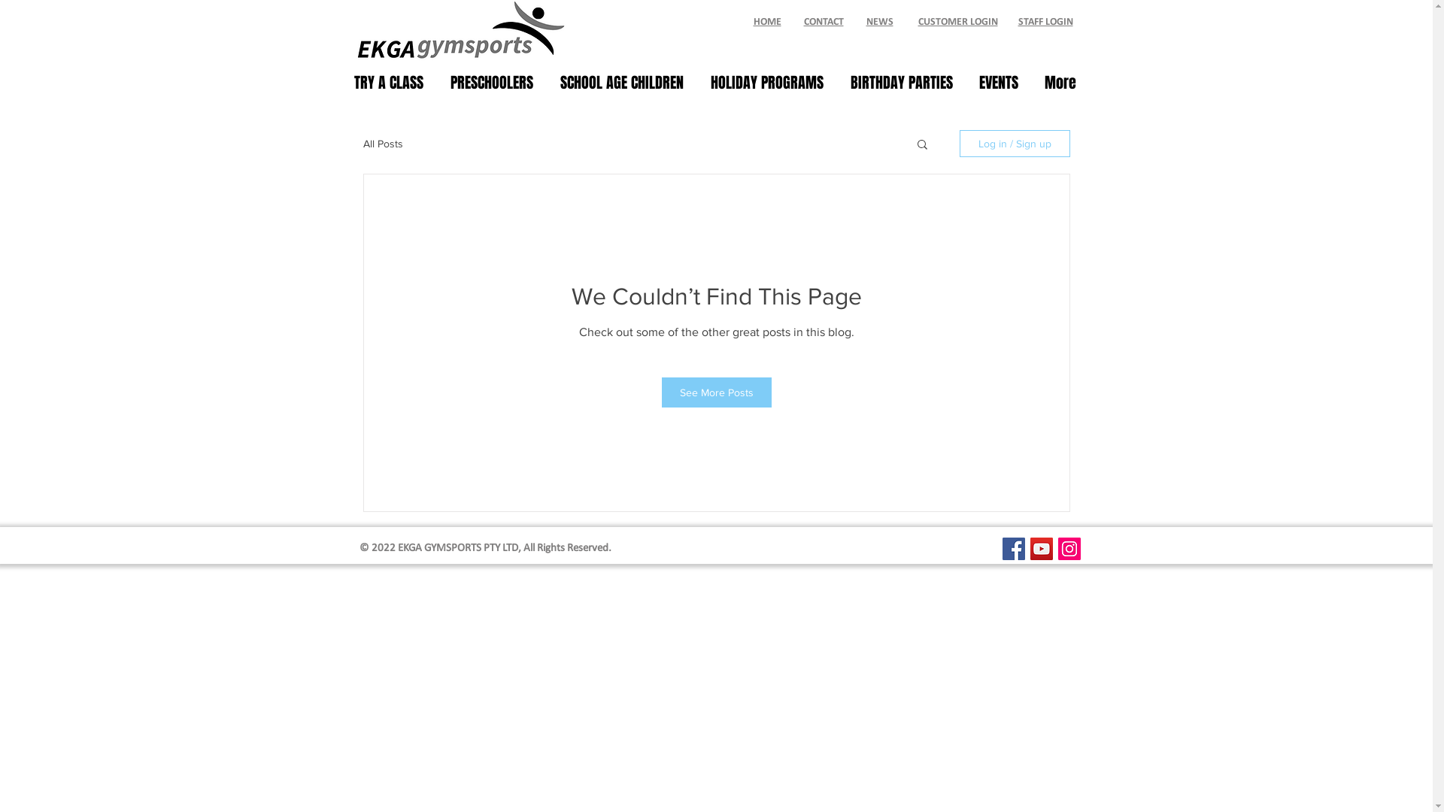 The image size is (1444, 812). Describe the element at coordinates (1015, 144) in the screenshot. I see `'Log in / Sign up'` at that location.